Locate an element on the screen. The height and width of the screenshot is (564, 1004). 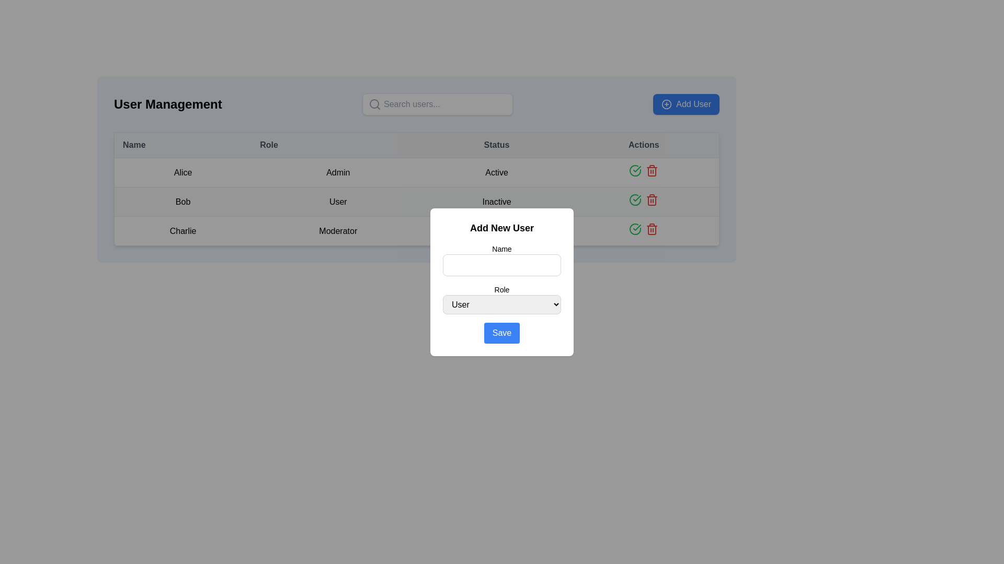
the 'Inactive' text label that displays the status of the user 'Bob' in the third column of the second row of the table is located at coordinates (496, 202).